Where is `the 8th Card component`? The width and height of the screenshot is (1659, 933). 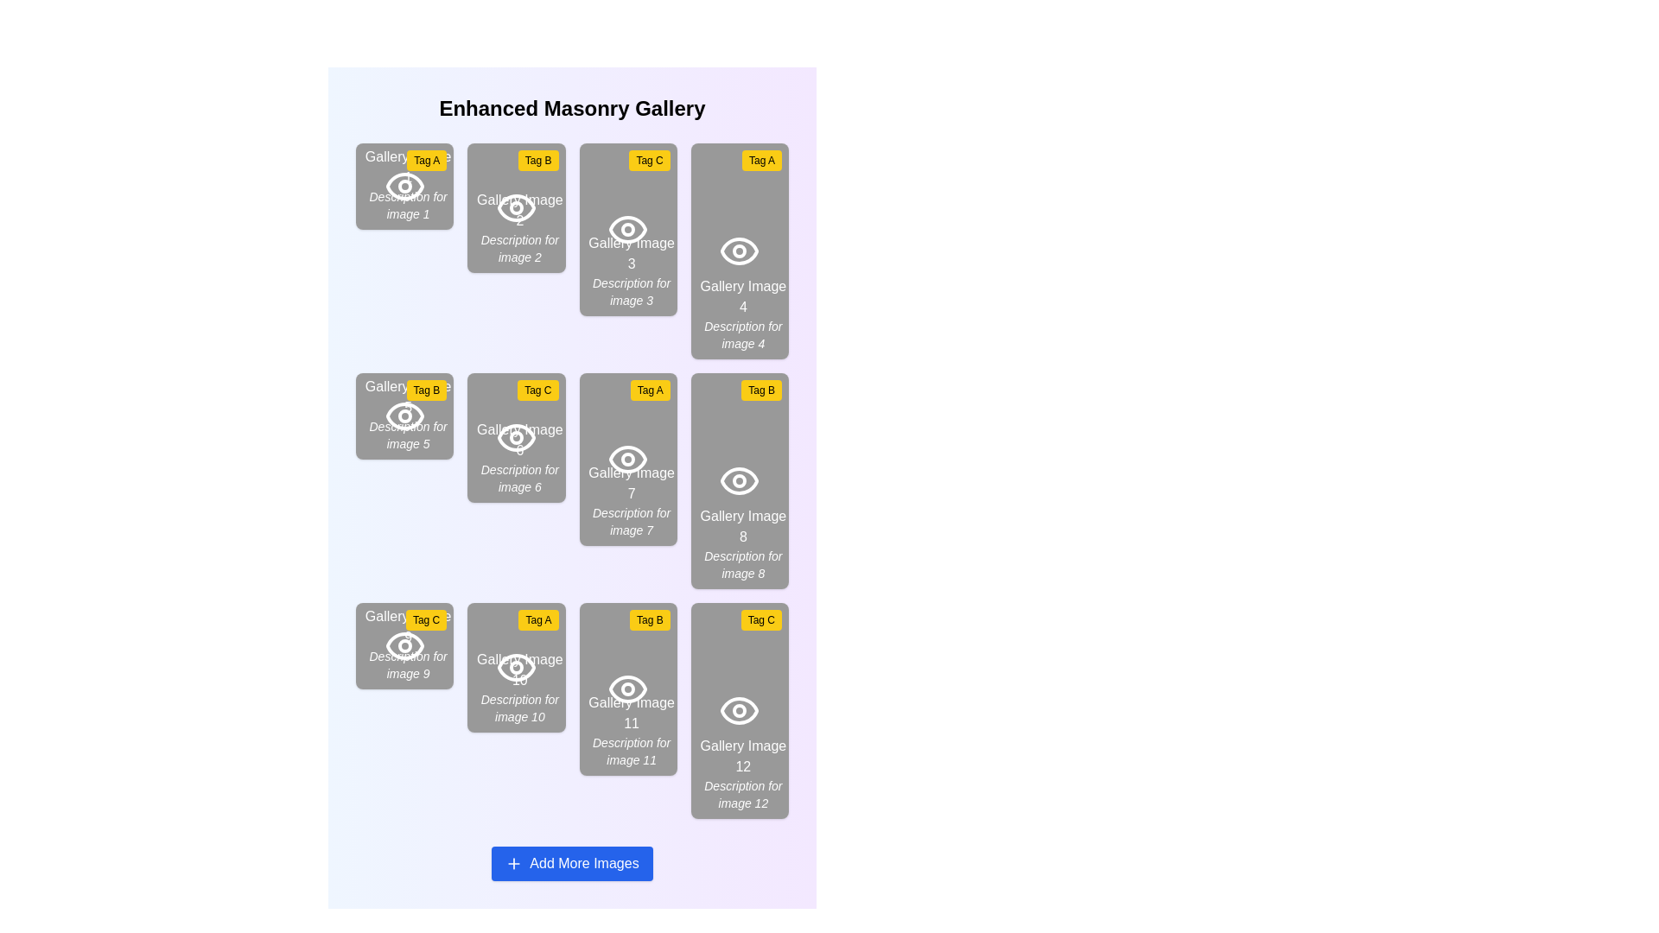 the 8th Card component is located at coordinates (740, 480).